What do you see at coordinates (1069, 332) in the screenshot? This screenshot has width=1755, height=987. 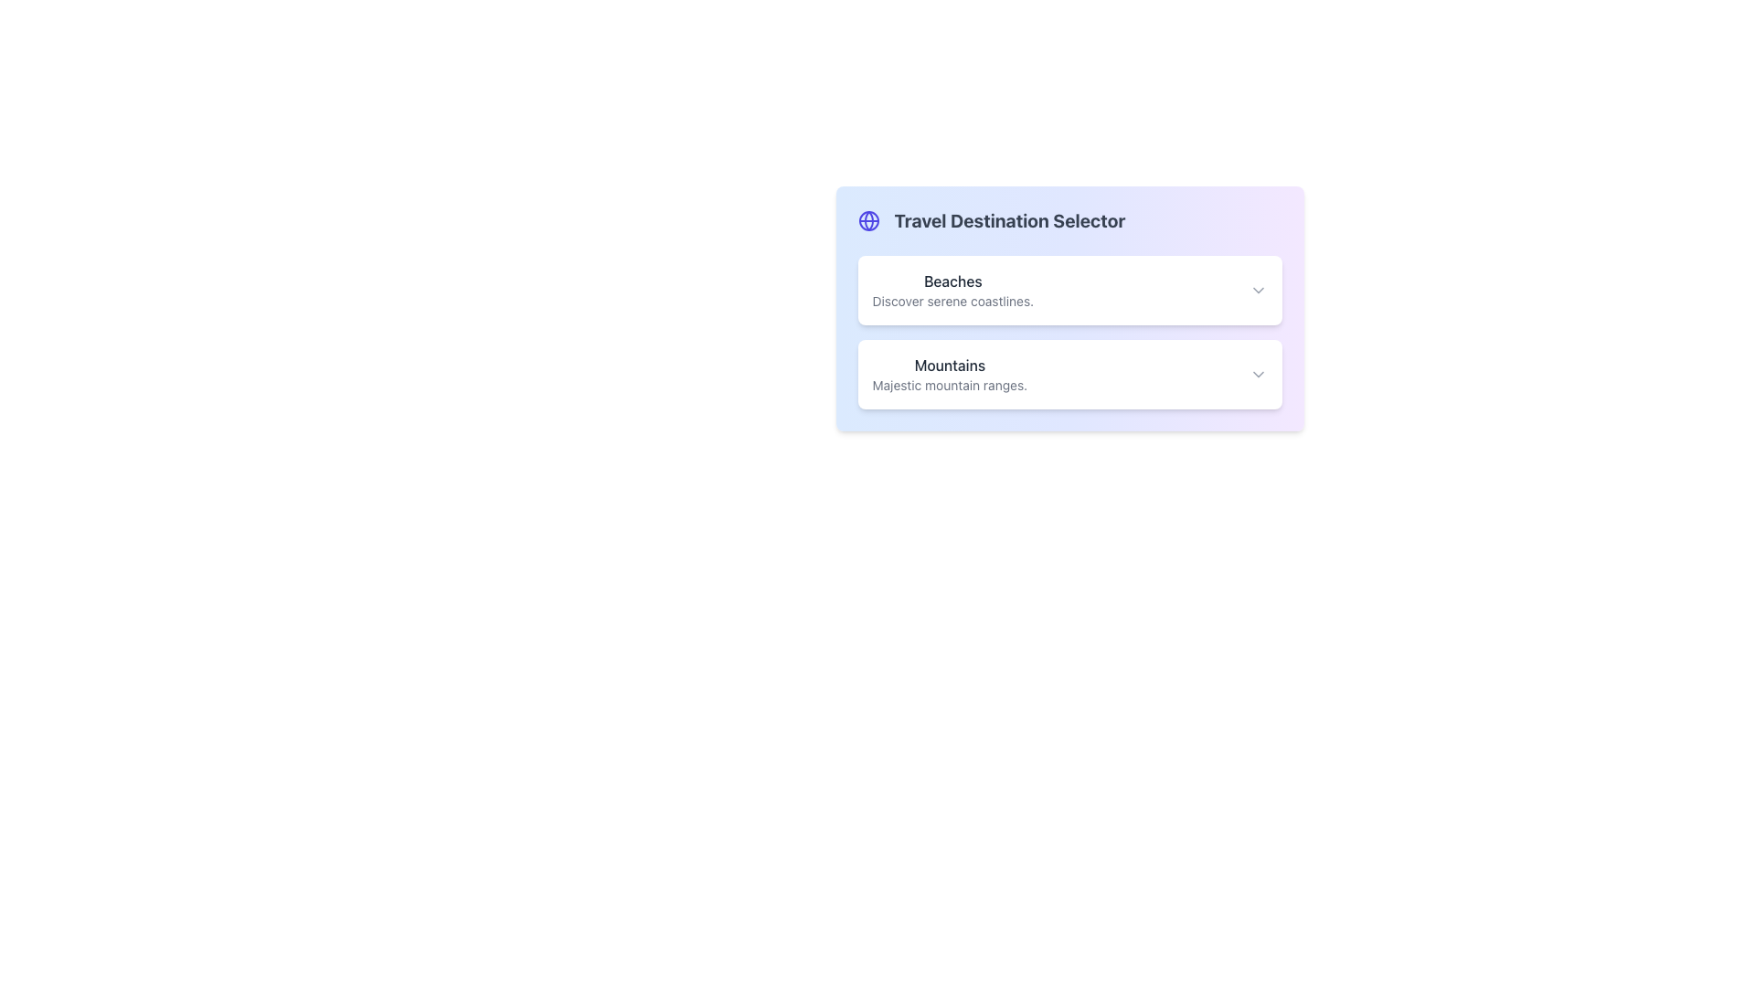 I see `the 'Beaches' or 'Mountains' selection box in the collapsible menu component` at bounding box center [1069, 332].